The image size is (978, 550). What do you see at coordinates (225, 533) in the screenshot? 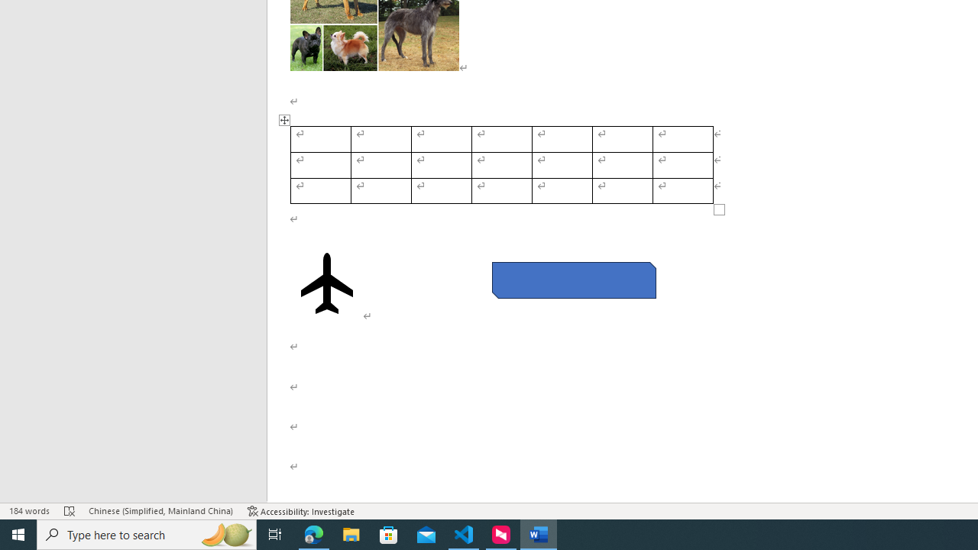
I see `'Search highlights icon opens search home window'` at bounding box center [225, 533].